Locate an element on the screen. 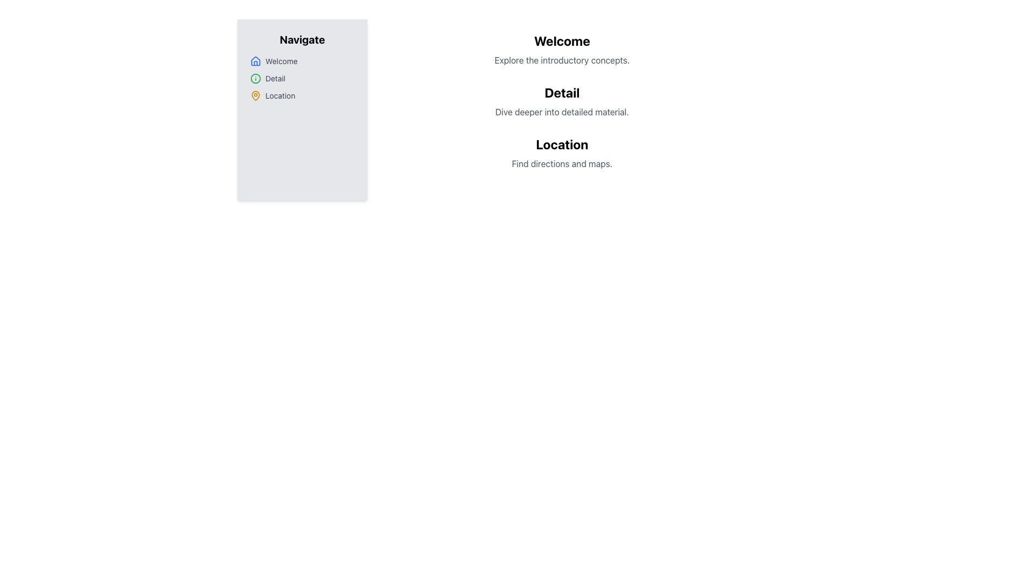  the 'Location' text label which is part of the navigational link in the lower part of the 'Navigate' card, located adjacent to a map pin icon is located at coordinates (280, 95).